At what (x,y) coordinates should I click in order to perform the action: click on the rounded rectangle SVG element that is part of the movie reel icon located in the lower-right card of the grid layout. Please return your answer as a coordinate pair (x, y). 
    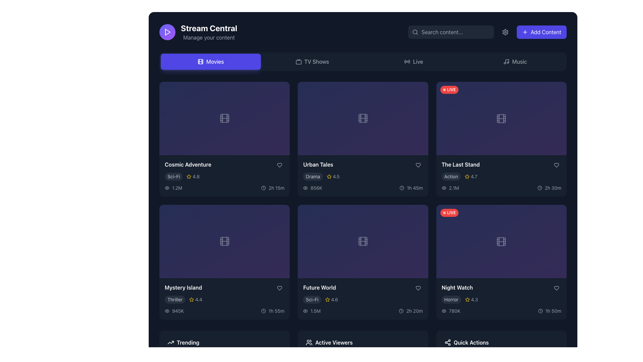
    Looking at the image, I should click on (501, 241).